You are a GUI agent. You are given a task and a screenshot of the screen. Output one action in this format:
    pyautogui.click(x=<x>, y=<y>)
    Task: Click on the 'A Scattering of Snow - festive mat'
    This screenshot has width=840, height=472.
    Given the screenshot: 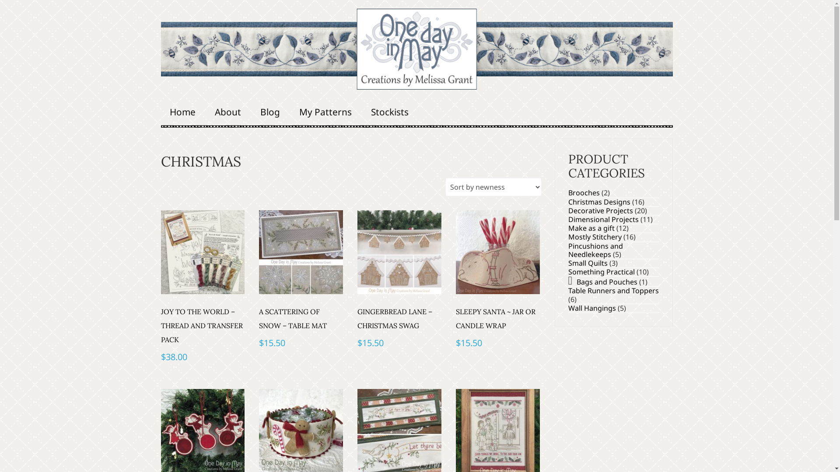 What is the action you would take?
    pyautogui.click(x=301, y=252)
    